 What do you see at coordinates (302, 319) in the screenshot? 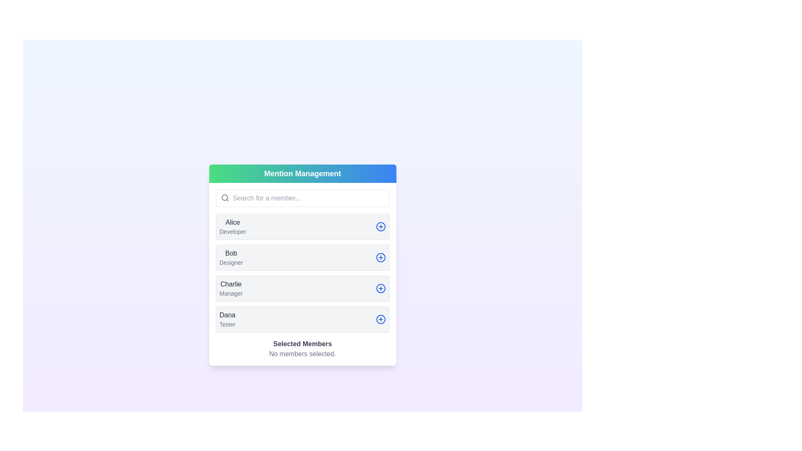
I see `the user profile selection list item for 'Dana' located` at bounding box center [302, 319].